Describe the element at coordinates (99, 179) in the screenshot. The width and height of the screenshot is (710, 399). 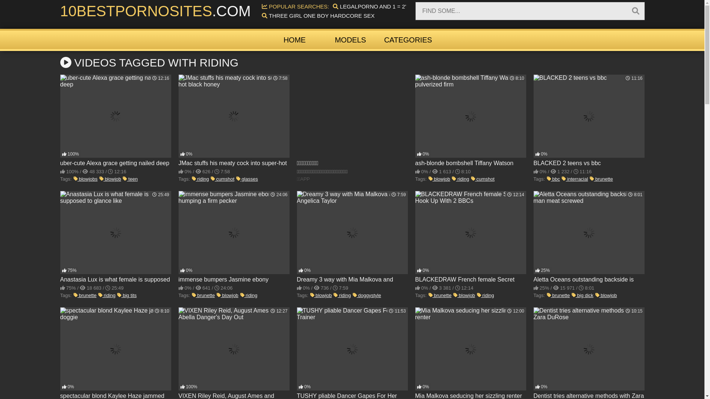
I see `'blowjob'` at that location.